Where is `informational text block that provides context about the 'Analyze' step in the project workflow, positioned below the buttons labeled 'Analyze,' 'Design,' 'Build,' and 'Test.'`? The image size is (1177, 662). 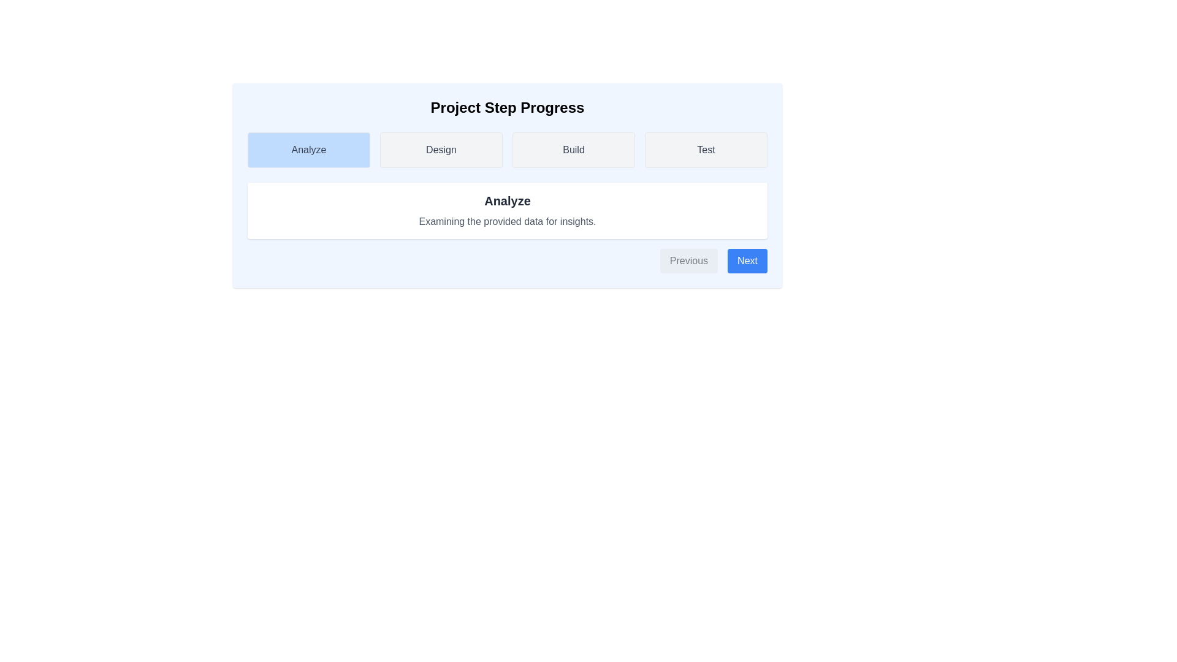 informational text block that provides context about the 'Analyze' step in the project workflow, positioned below the buttons labeled 'Analyze,' 'Design,' 'Build,' and 'Test.' is located at coordinates (508, 210).